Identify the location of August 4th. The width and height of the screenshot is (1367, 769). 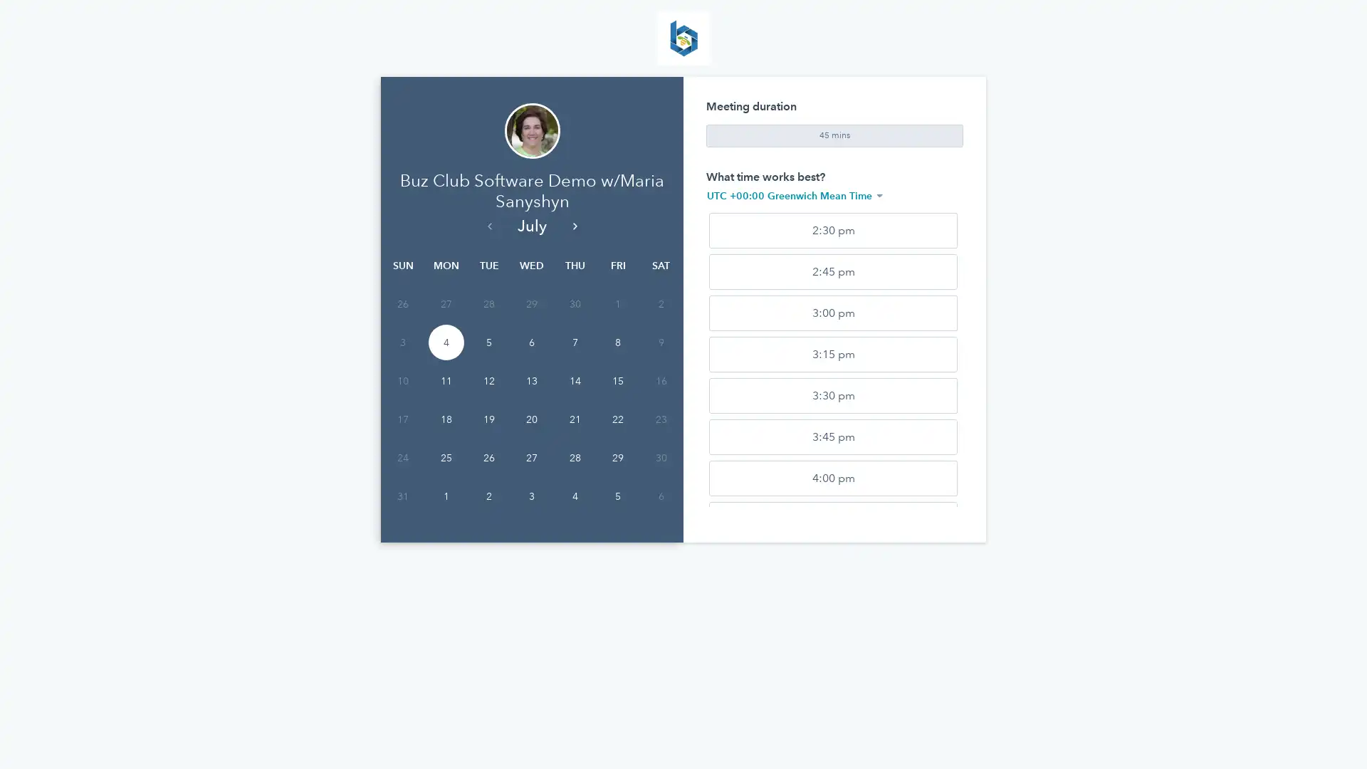
(574, 496).